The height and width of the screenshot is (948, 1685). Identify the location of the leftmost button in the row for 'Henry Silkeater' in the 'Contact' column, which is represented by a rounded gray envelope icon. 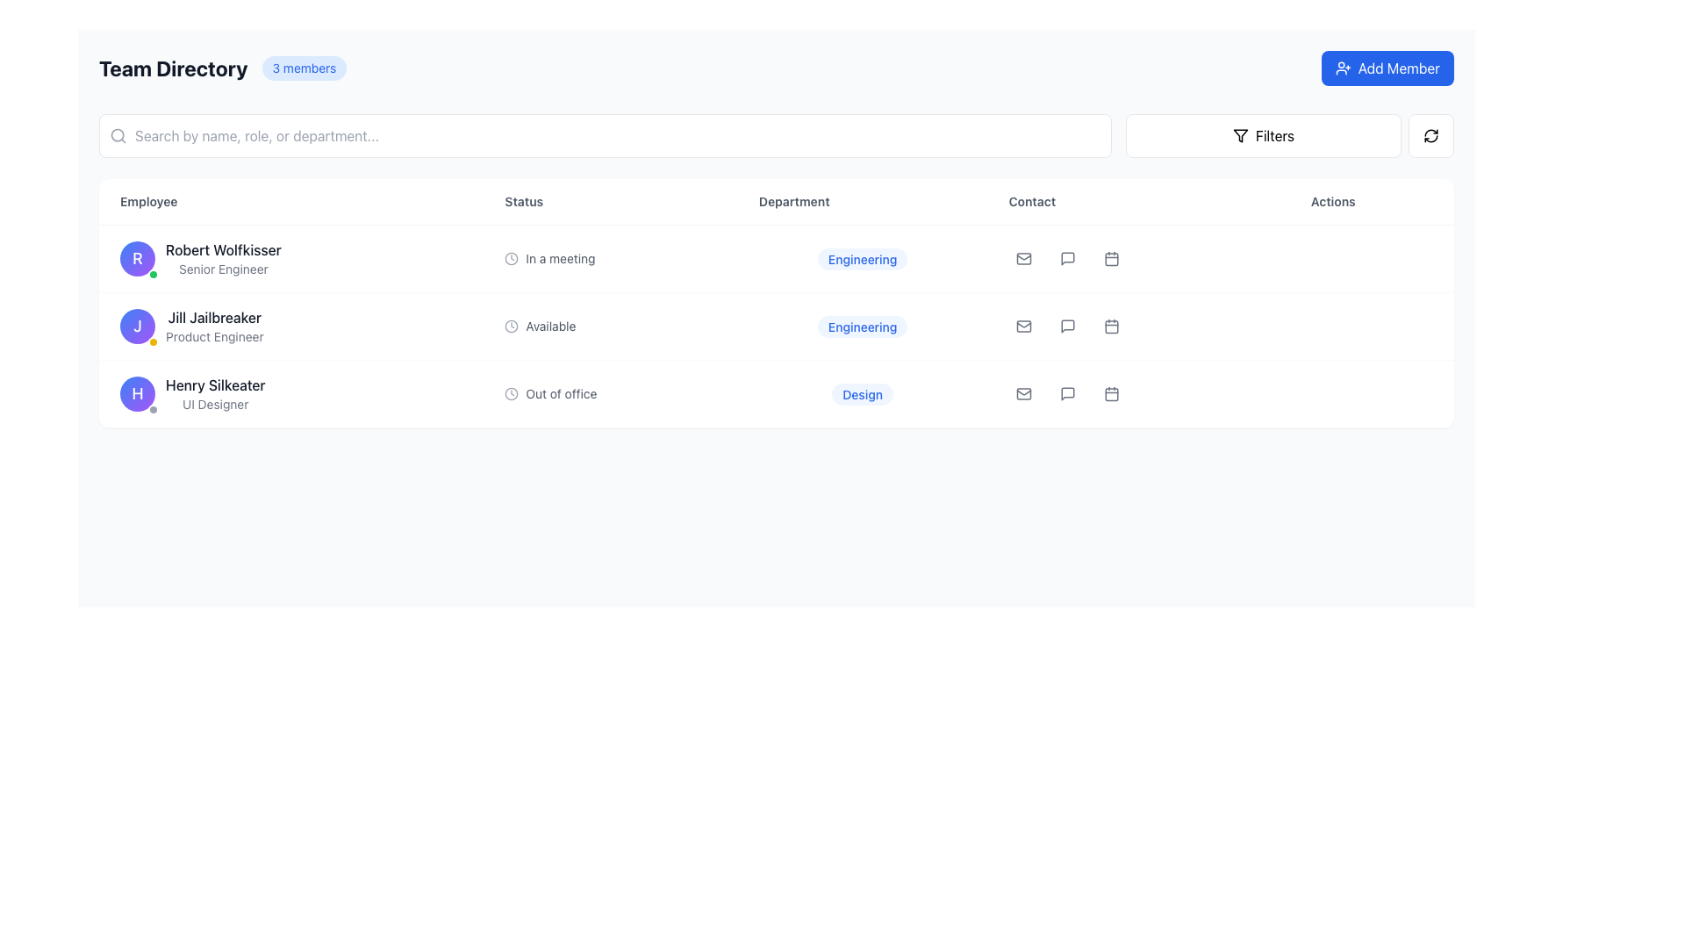
(1023, 392).